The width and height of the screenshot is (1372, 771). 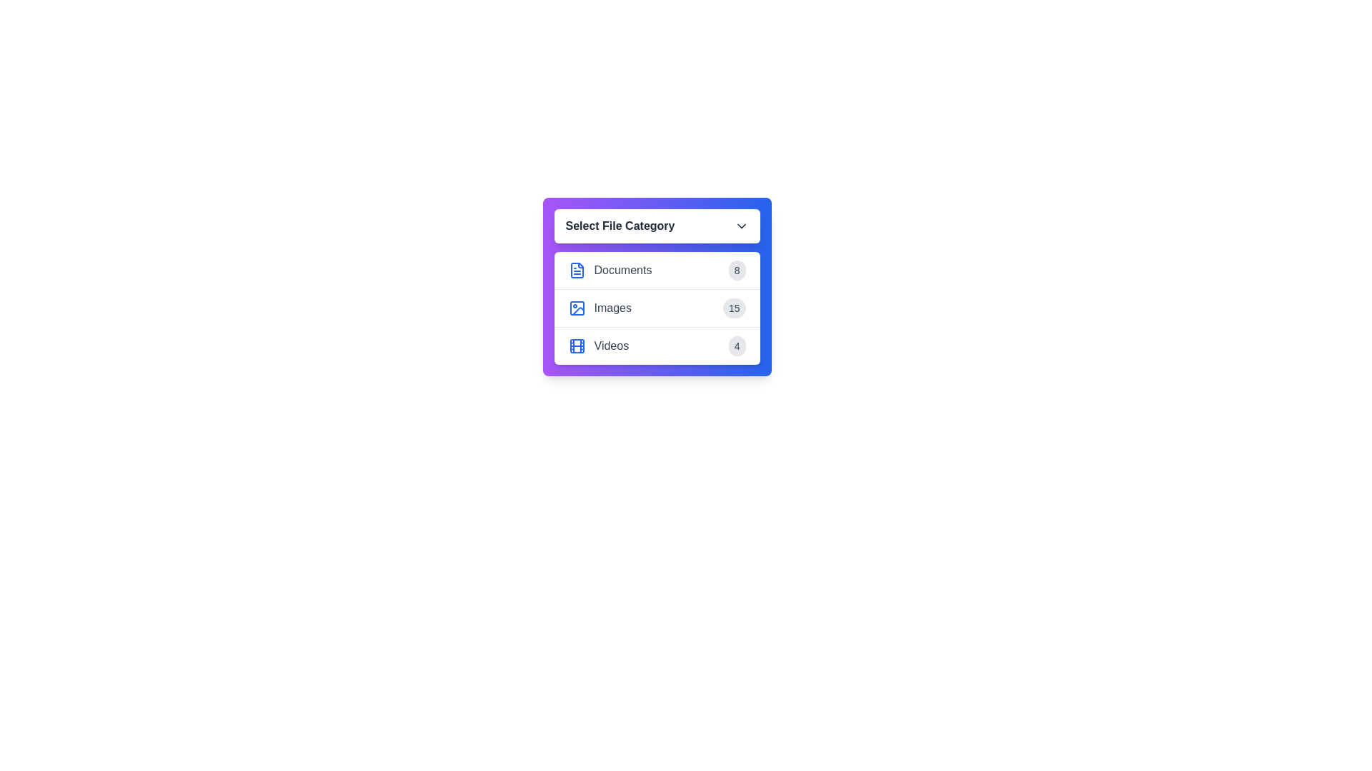 What do you see at coordinates (656, 307) in the screenshot?
I see `the 'Images' file category list item` at bounding box center [656, 307].